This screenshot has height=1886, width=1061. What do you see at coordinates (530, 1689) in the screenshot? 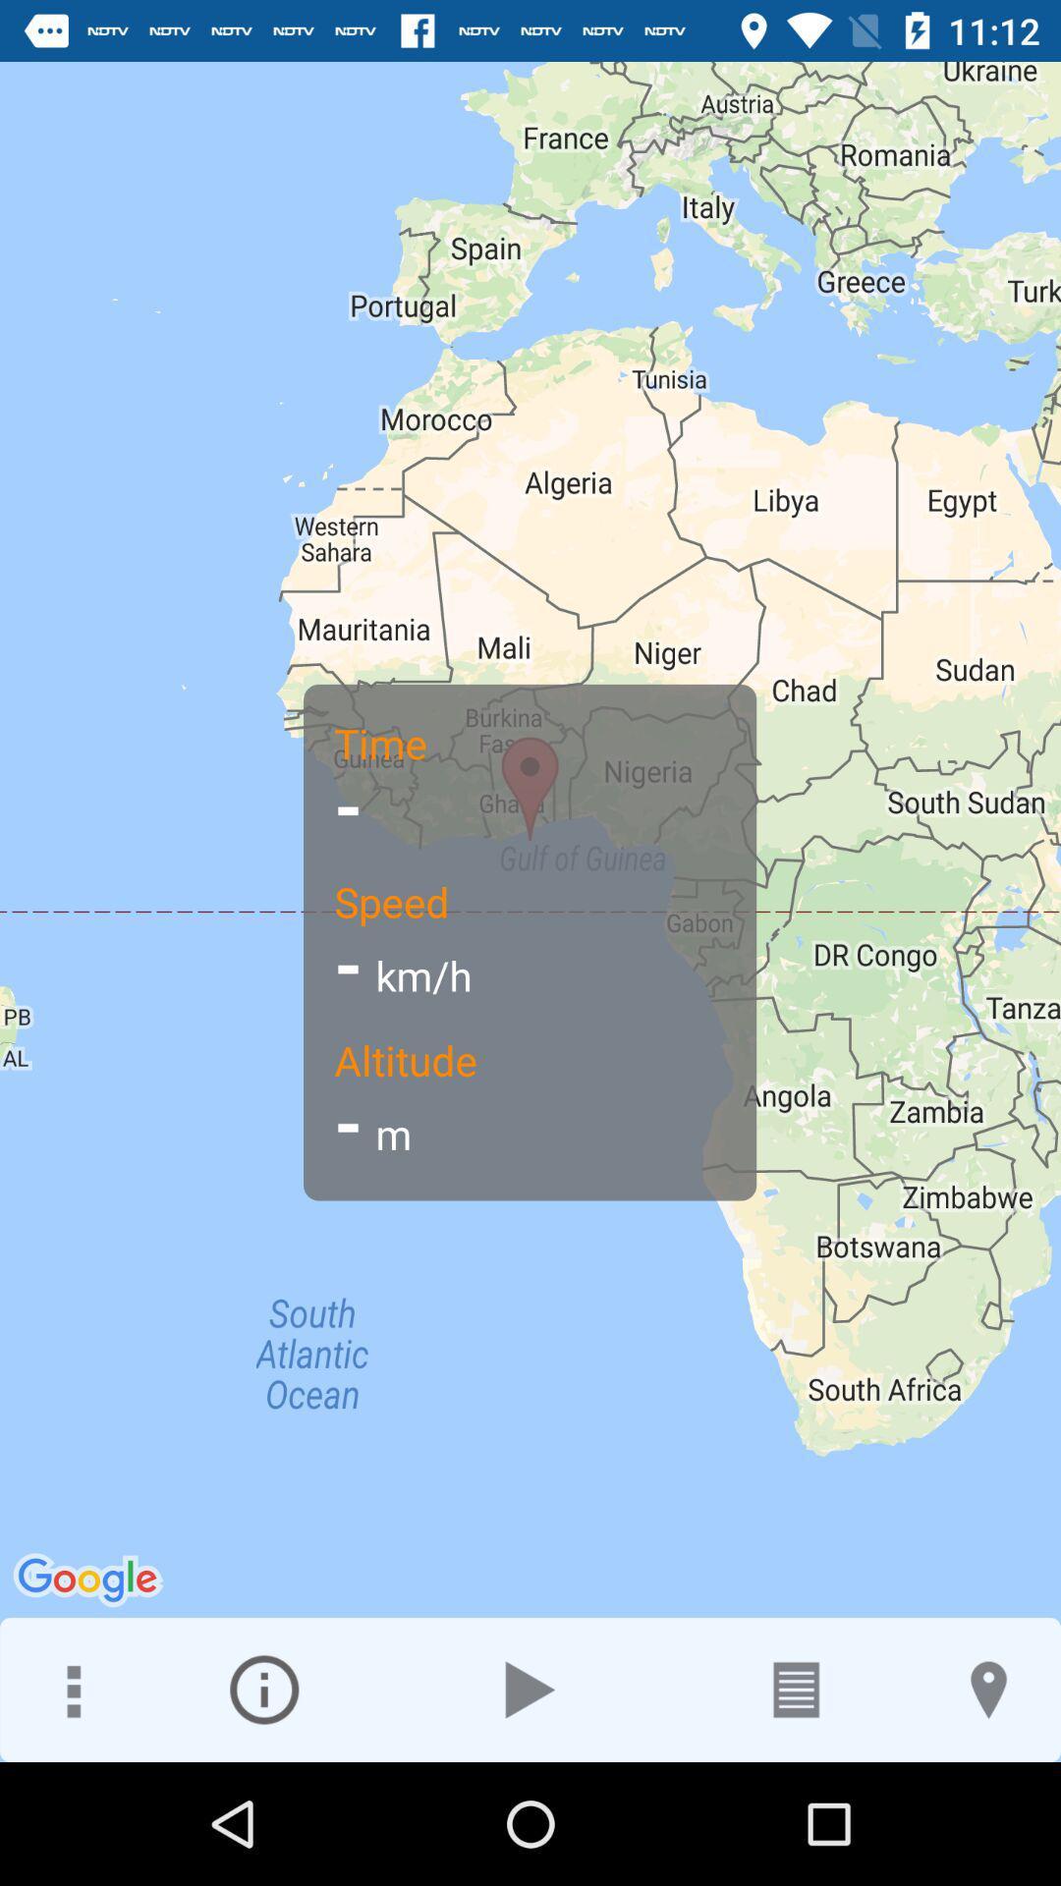
I see `the play icon` at bounding box center [530, 1689].